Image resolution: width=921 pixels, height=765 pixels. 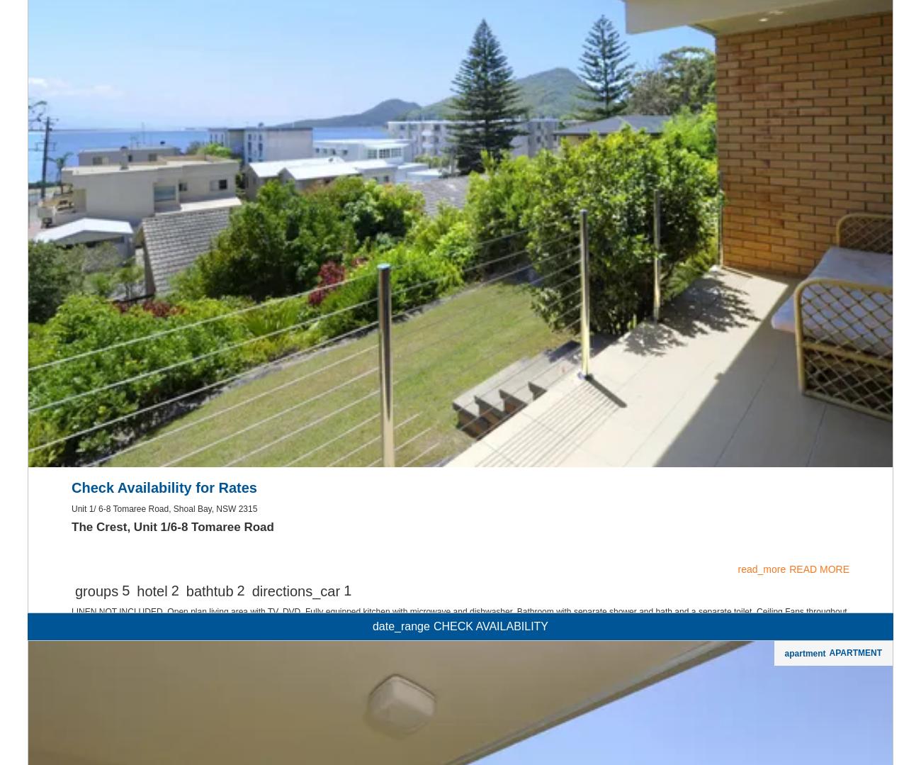 I want to click on 'Non-Smoking', so click(x=460, y=223).